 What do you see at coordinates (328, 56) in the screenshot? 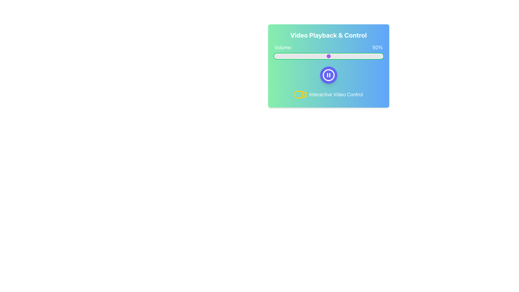
I see `the horizontal slider with a rounded purple accent thumb, located below the 'Volume:' label and aligned with '50%' on the right` at bounding box center [328, 56].